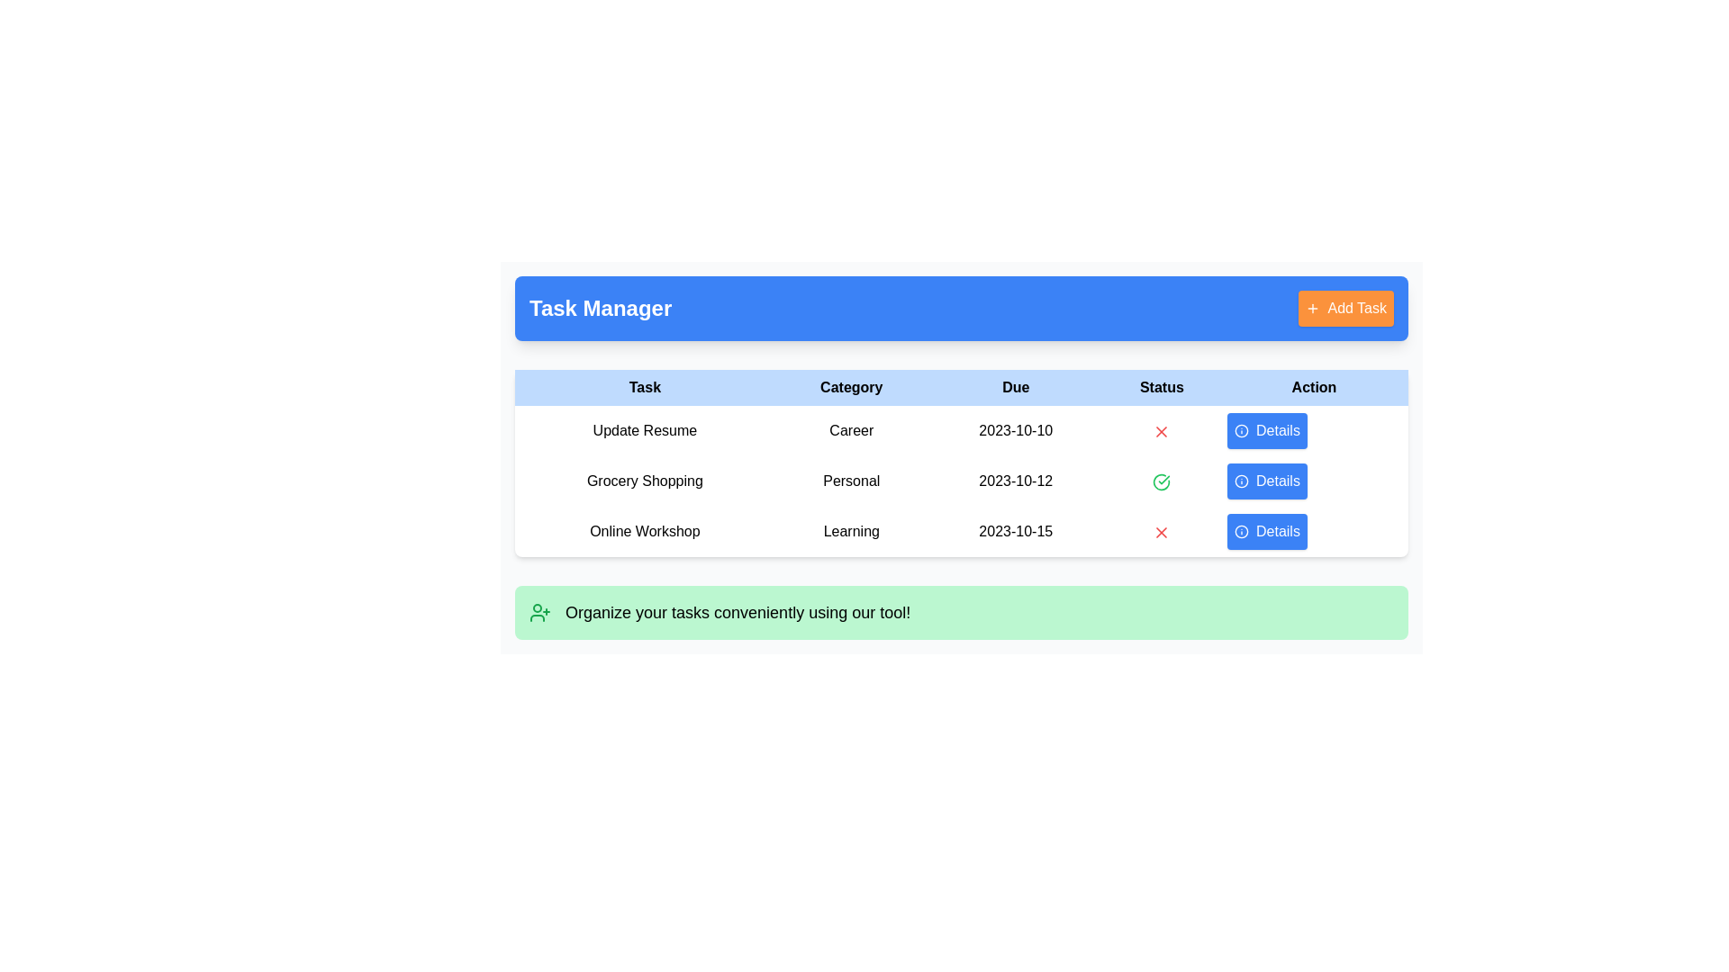 The width and height of the screenshot is (1729, 972). Describe the element at coordinates (601, 308) in the screenshot. I see `displayed text from the Header or Title located in the blue bar at the top-left section of the interface, which indicates the purpose of the task management tool` at that location.